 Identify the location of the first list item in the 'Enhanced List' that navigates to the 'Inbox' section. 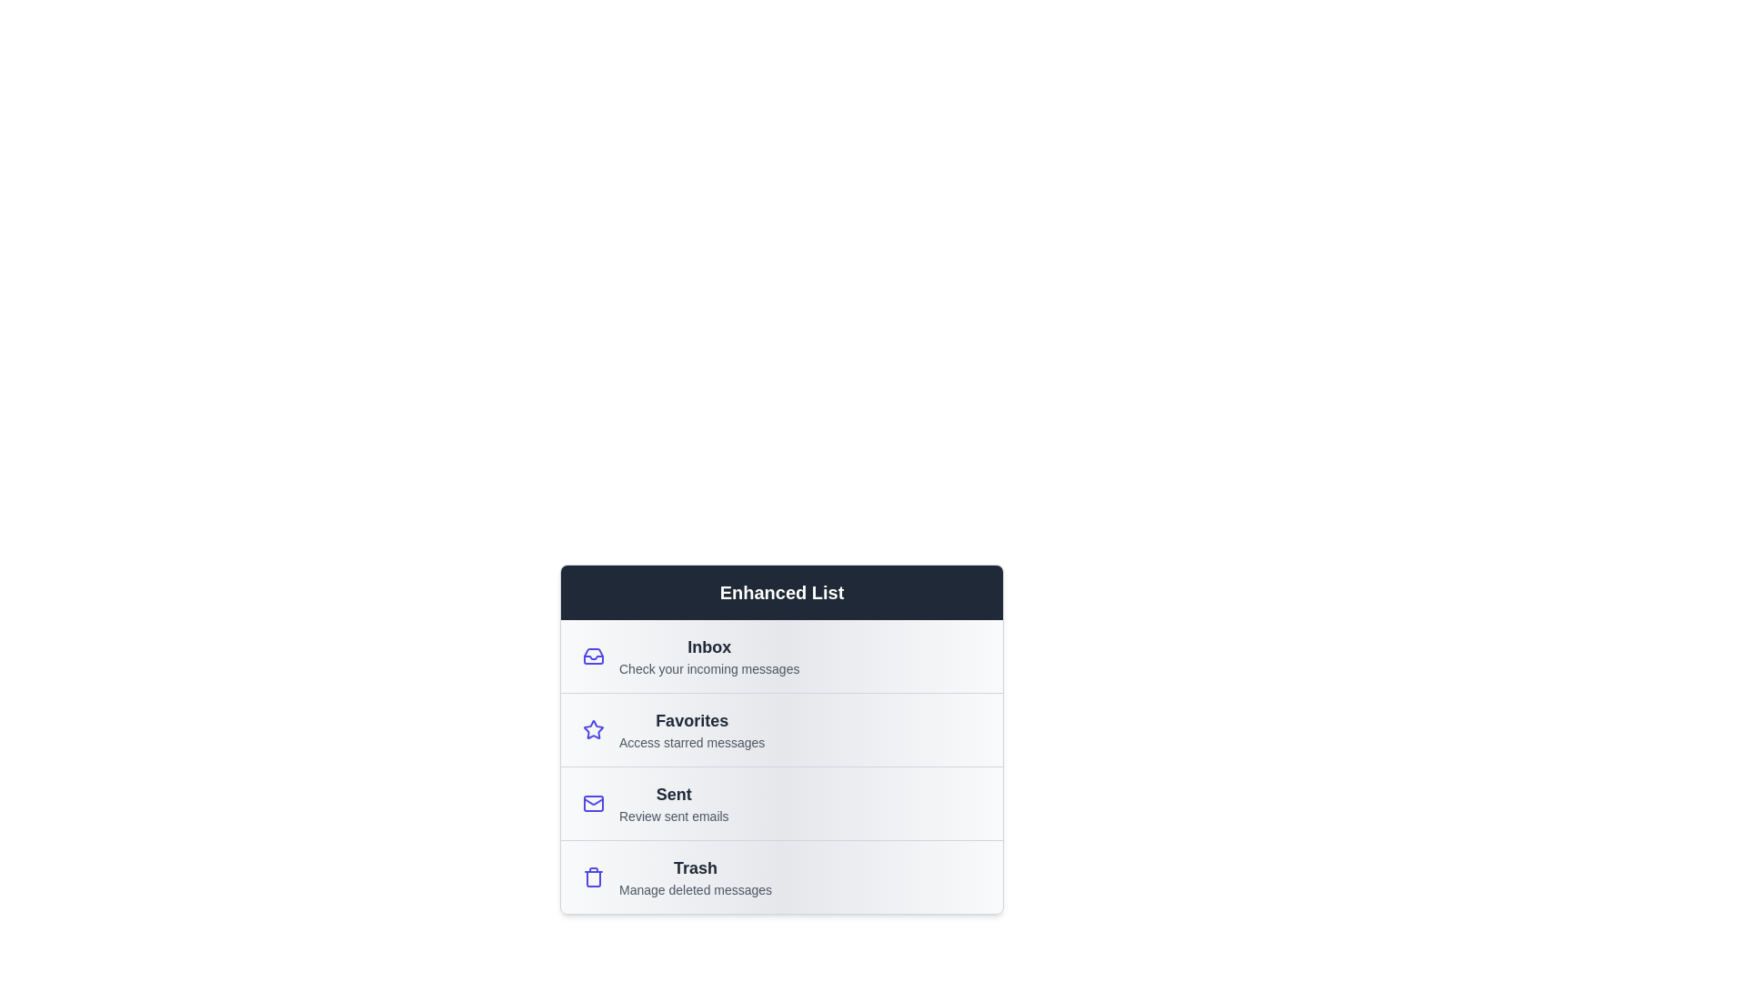
(781, 656).